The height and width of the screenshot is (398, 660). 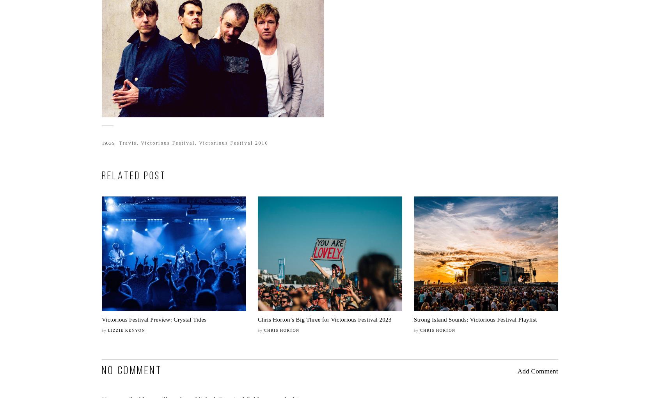 What do you see at coordinates (126, 330) in the screenshot?
I see `'Lizzie Kenyon'` at bounding box center [126, 330].